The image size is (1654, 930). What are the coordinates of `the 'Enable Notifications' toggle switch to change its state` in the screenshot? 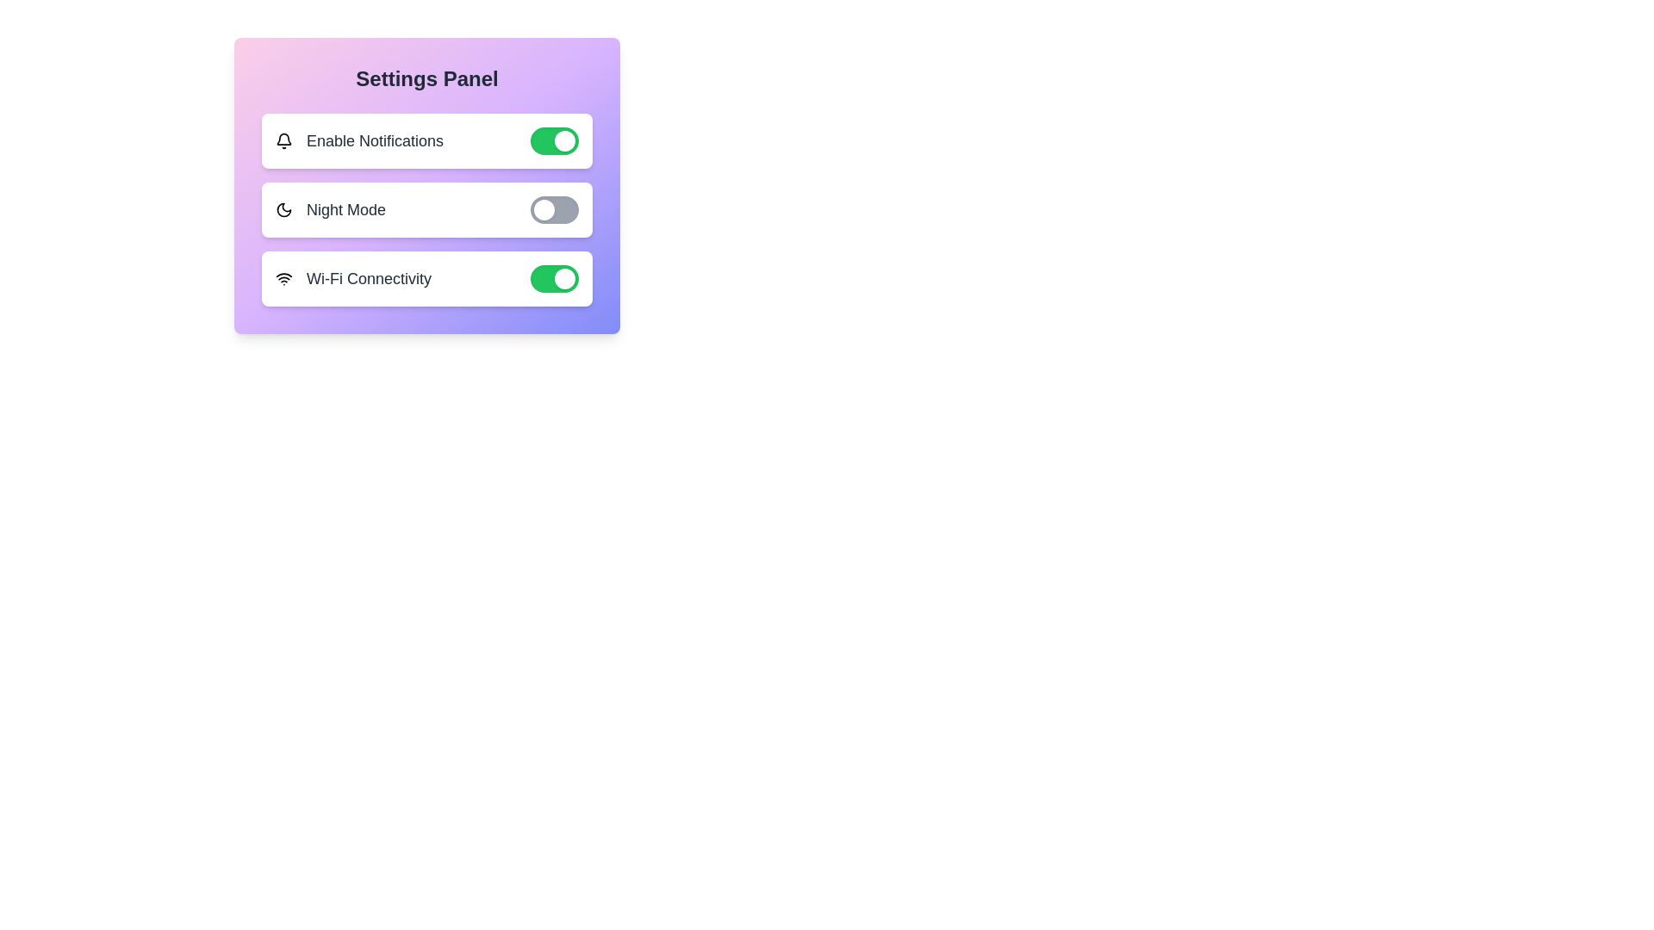 It's located at (554, 140).